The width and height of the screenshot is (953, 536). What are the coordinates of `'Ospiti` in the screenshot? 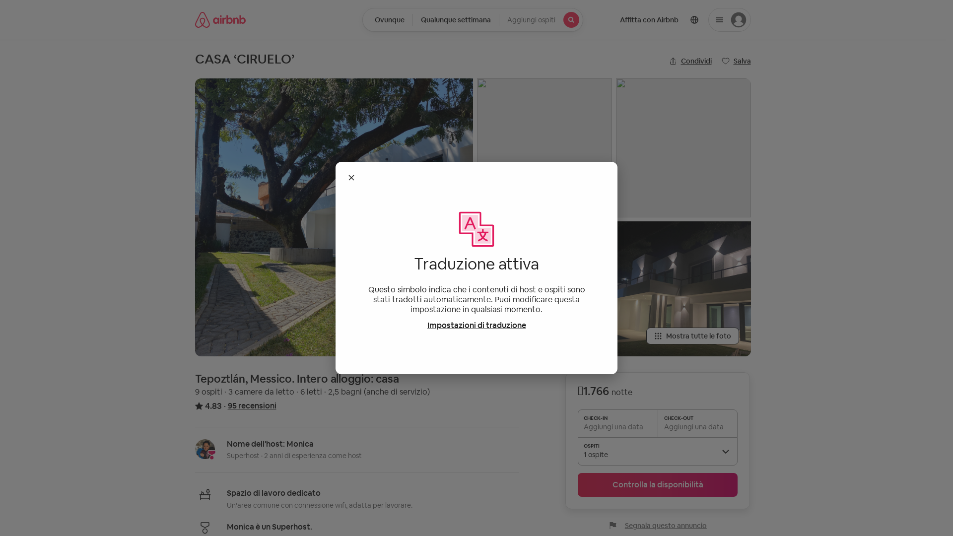 It's located at (498, 19).